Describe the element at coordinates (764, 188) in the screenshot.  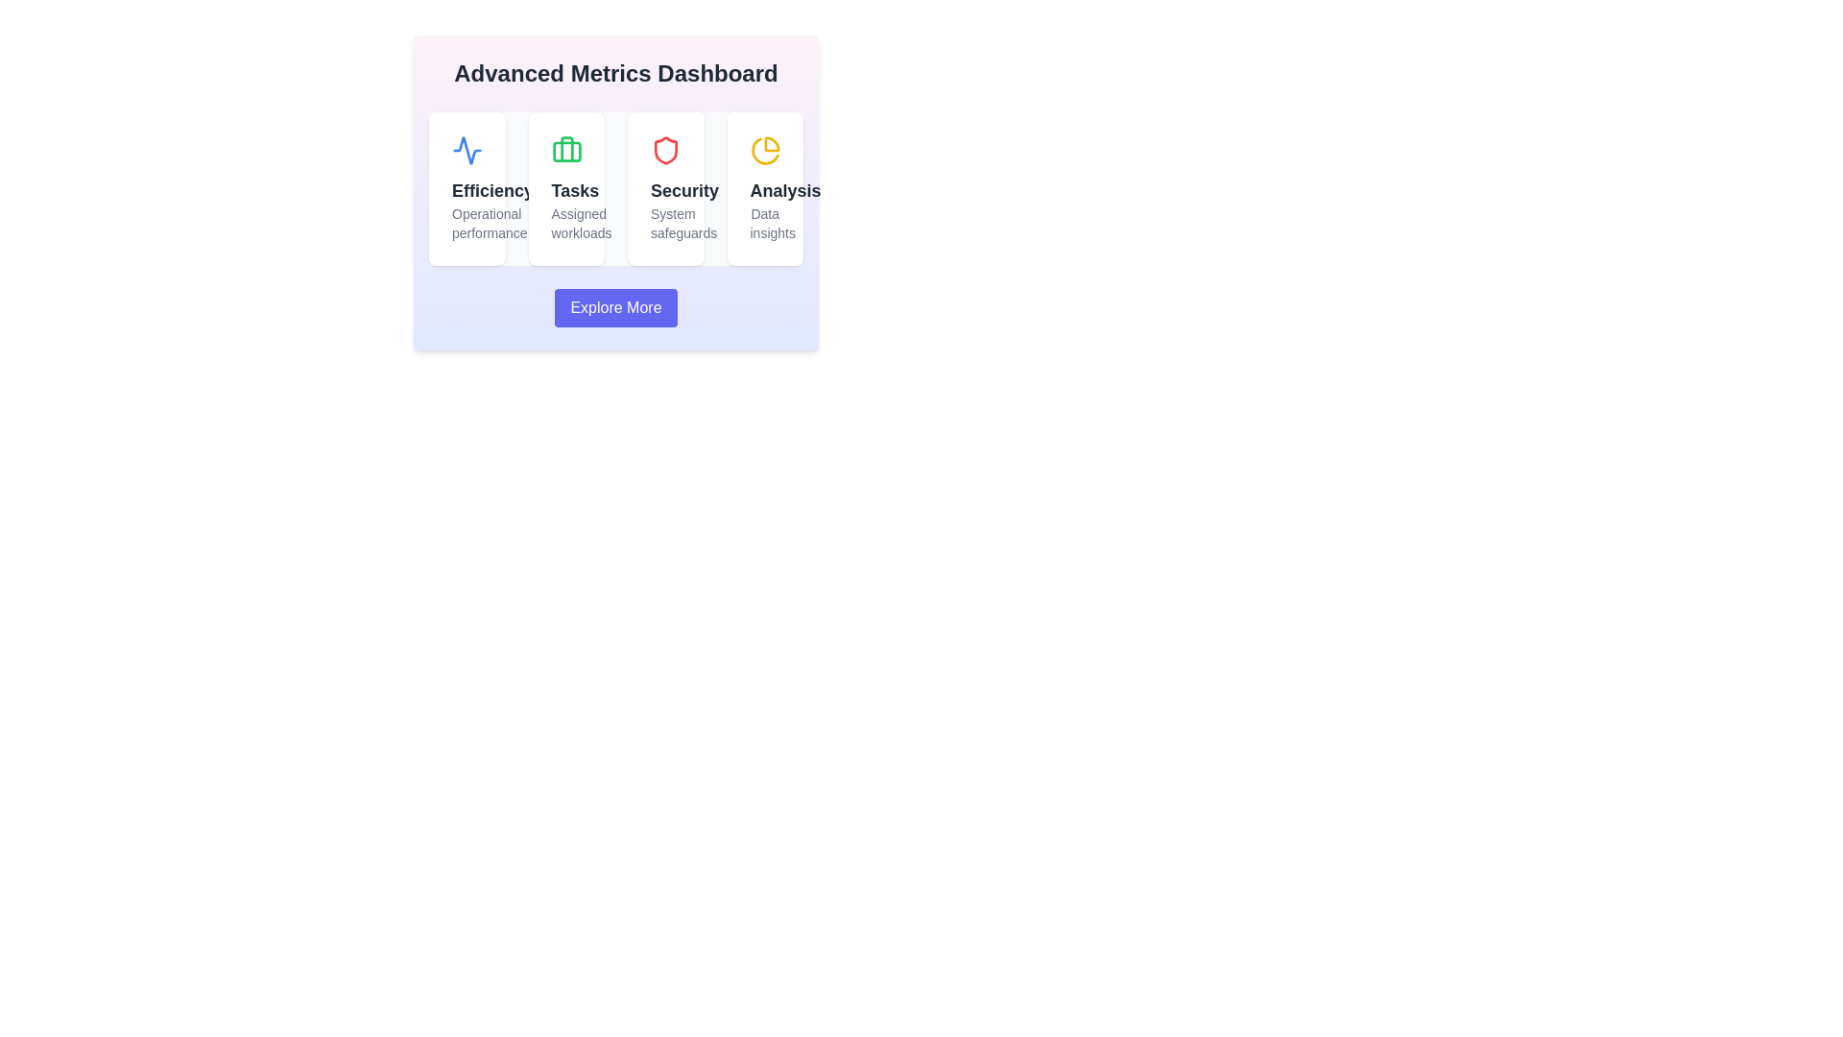
I see `the 'Analysis' text or the yellow pie chart icon in the fourth card of the grid layout, which has a white background and rounded corners` at that location.